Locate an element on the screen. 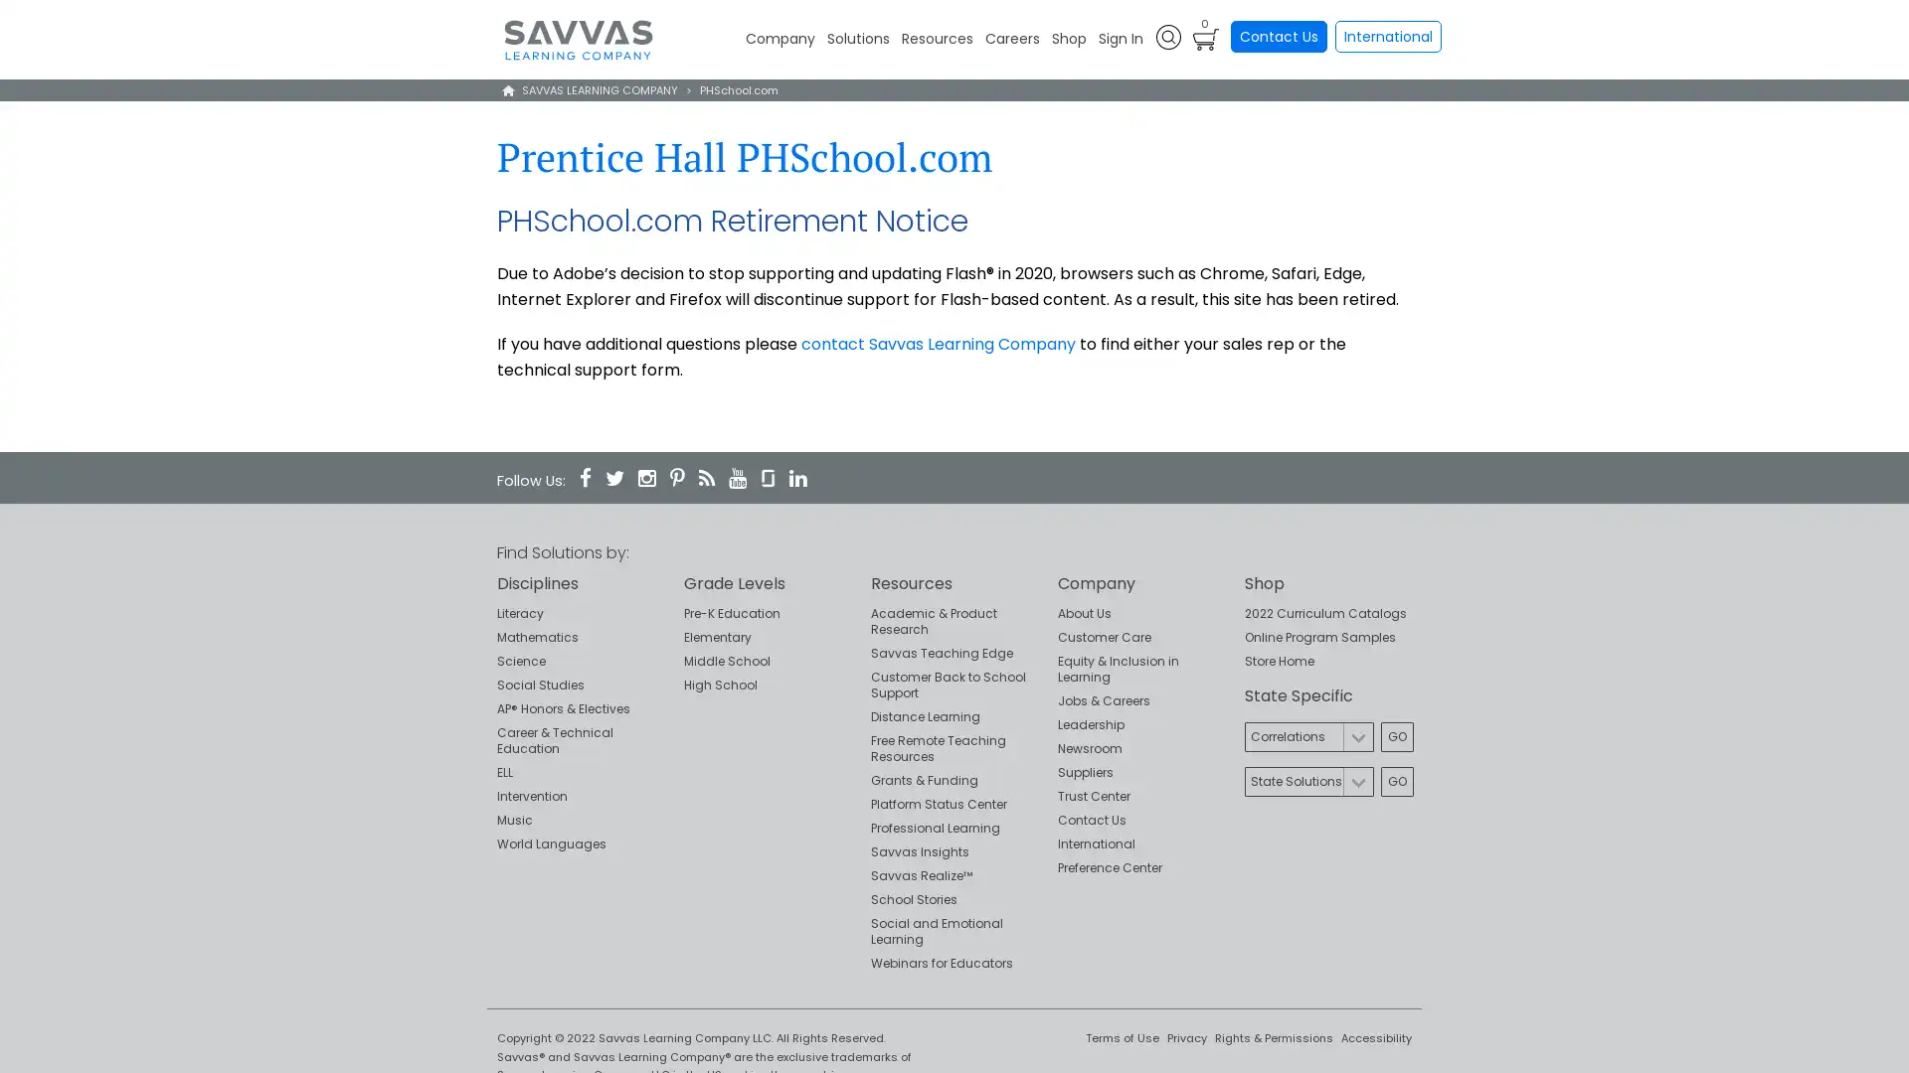 Image resolution: width=1909 pixels, height=1073 pixels. Go is located at coordinates (1396, 735).